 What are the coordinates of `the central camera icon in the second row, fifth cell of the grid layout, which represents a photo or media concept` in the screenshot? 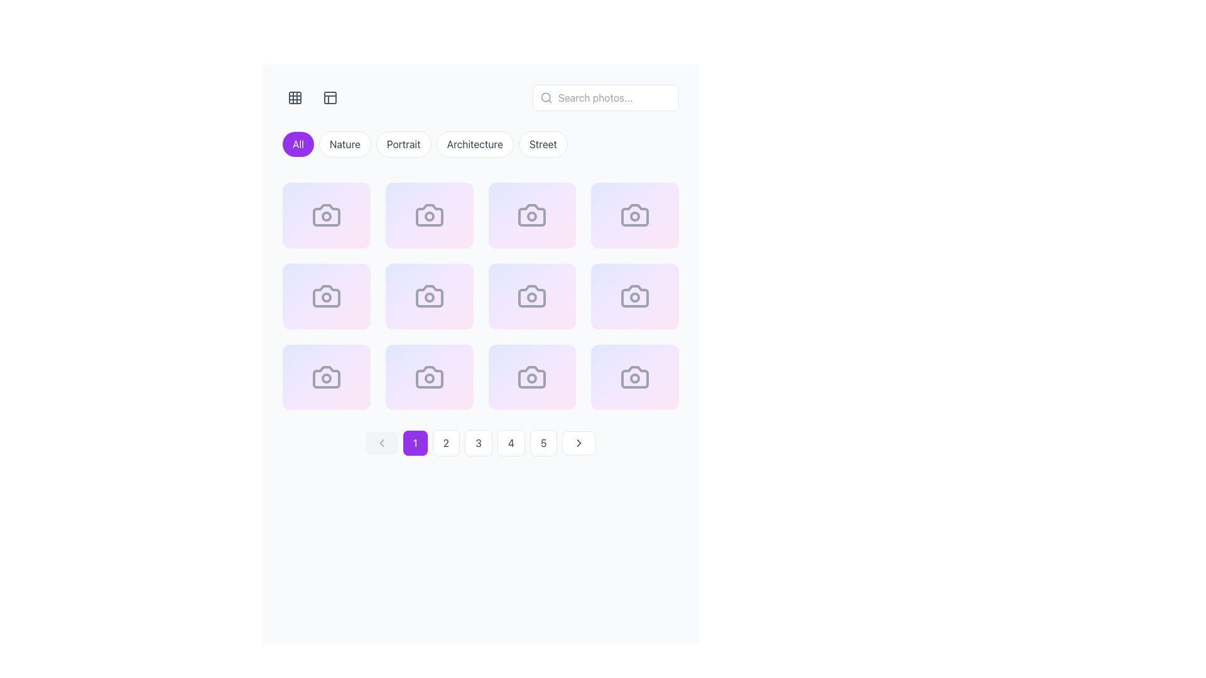 It's located at (532, 296).